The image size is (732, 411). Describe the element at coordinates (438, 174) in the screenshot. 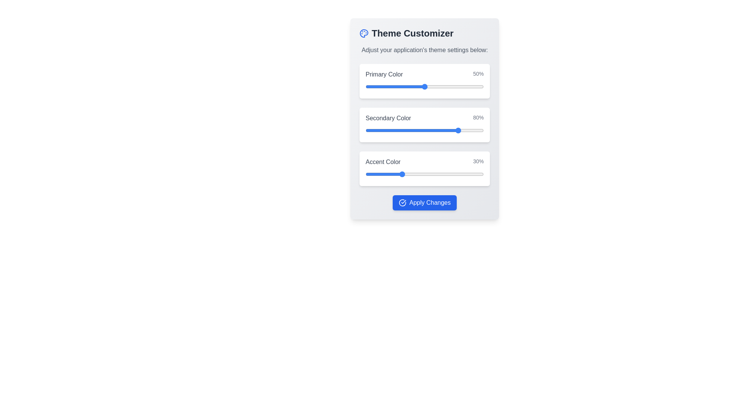

I see `the accent color percentage` at that location.